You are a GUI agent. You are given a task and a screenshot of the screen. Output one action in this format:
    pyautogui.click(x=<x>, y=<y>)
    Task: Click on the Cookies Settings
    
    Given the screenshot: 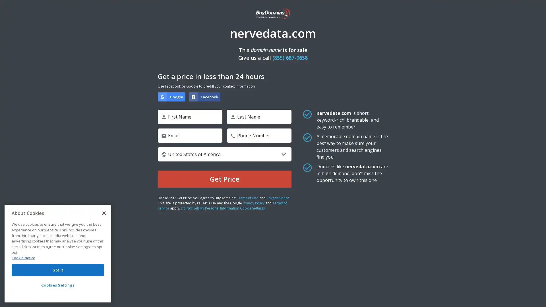 What is the action you would take?
    pyautogui.click(x=58, y=285)
    